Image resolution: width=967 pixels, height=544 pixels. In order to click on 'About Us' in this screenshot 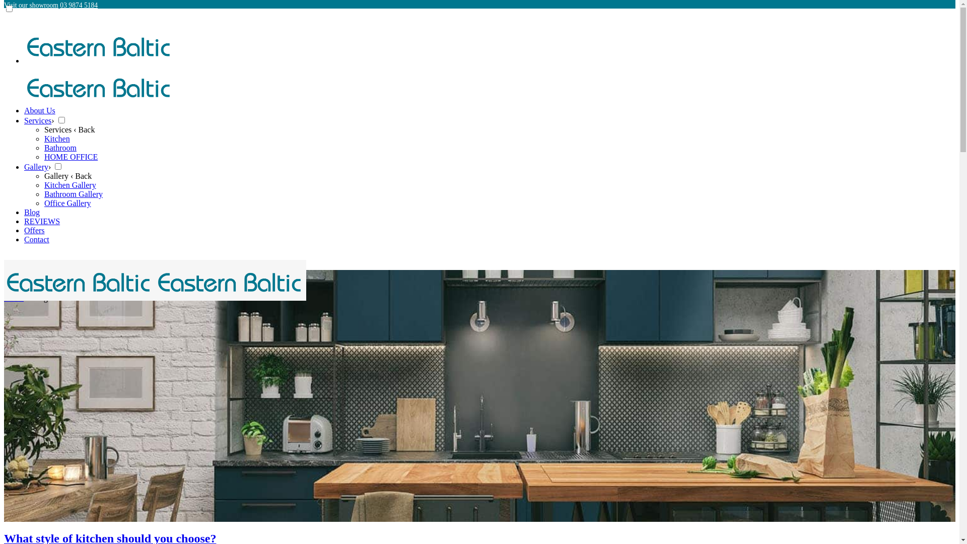, I will do `click(39, 110)`.